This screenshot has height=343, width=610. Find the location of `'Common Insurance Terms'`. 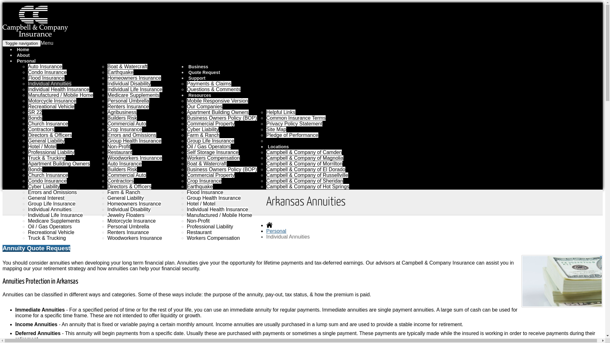

'Common Insurance Terms' is located at coordinates (295, 118).